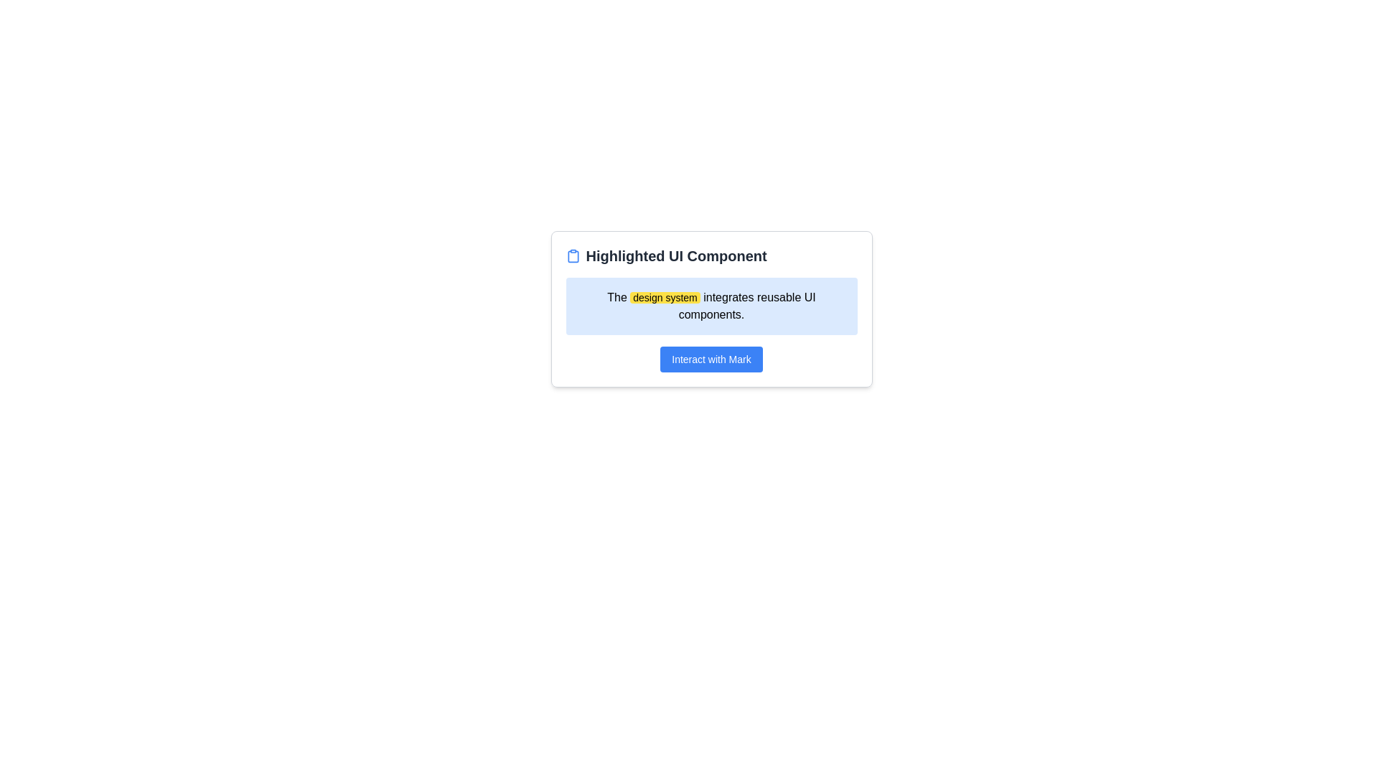 The image size is (1378, 775). I want to click on the bold, large-sized text 'Highlighted UI Component' displayed prominently in dark gray, which is located to the right of a small blue clipboard icon, so click(675, 255).